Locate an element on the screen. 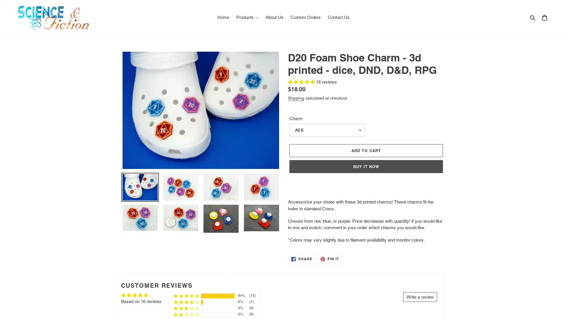  0% (0) reviews with 3 star rating is located at coordinates (186, 308).